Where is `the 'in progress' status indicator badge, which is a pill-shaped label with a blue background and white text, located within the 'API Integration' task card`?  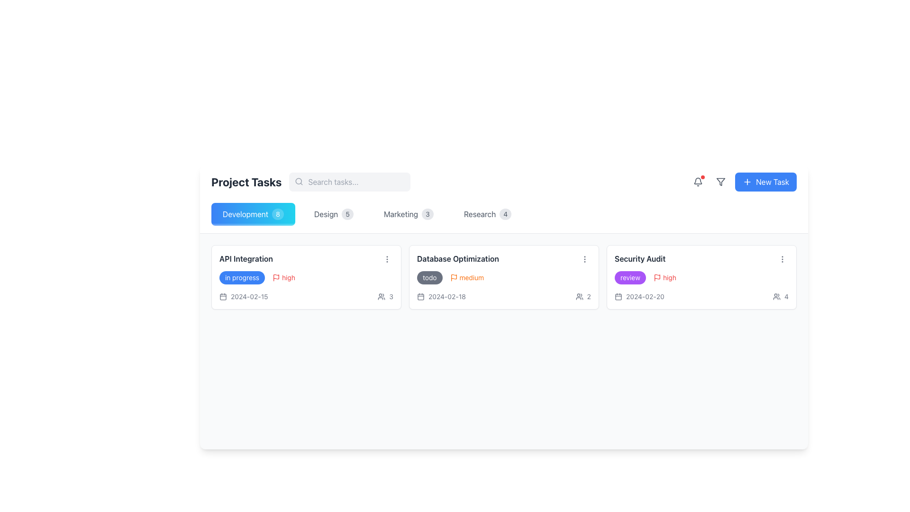 the 'in progress' status indicator badge, which is a pill-shaped label with a blue background and white text, located within the 'API Integration' task card is located at coordinates (242, 277).